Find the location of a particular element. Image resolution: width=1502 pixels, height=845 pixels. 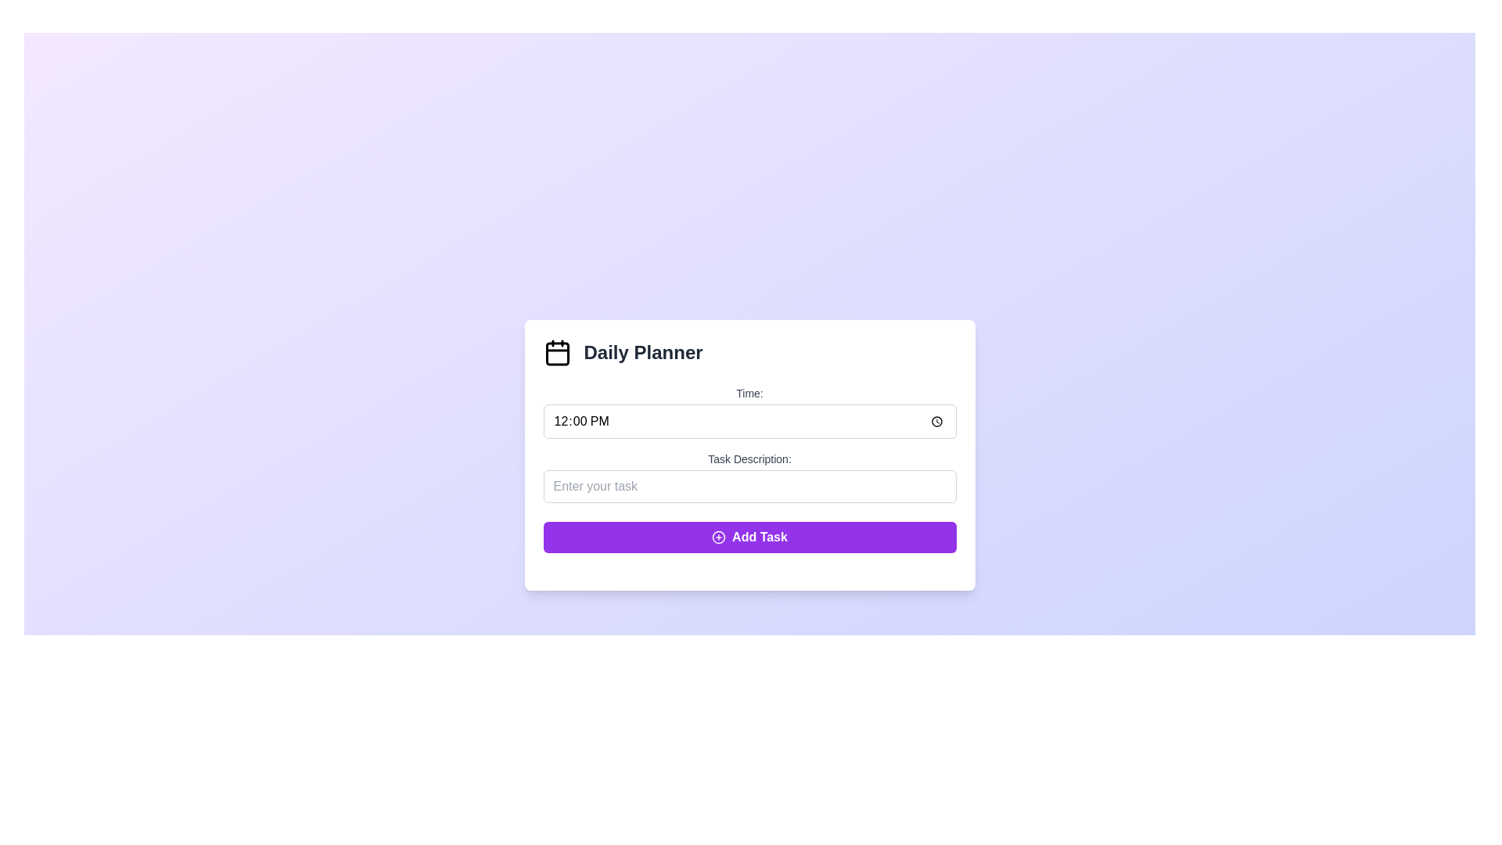

the text label displaying 'Task Description:' which is styled in dark gray within a form layout is located at coordinates (749, 458).